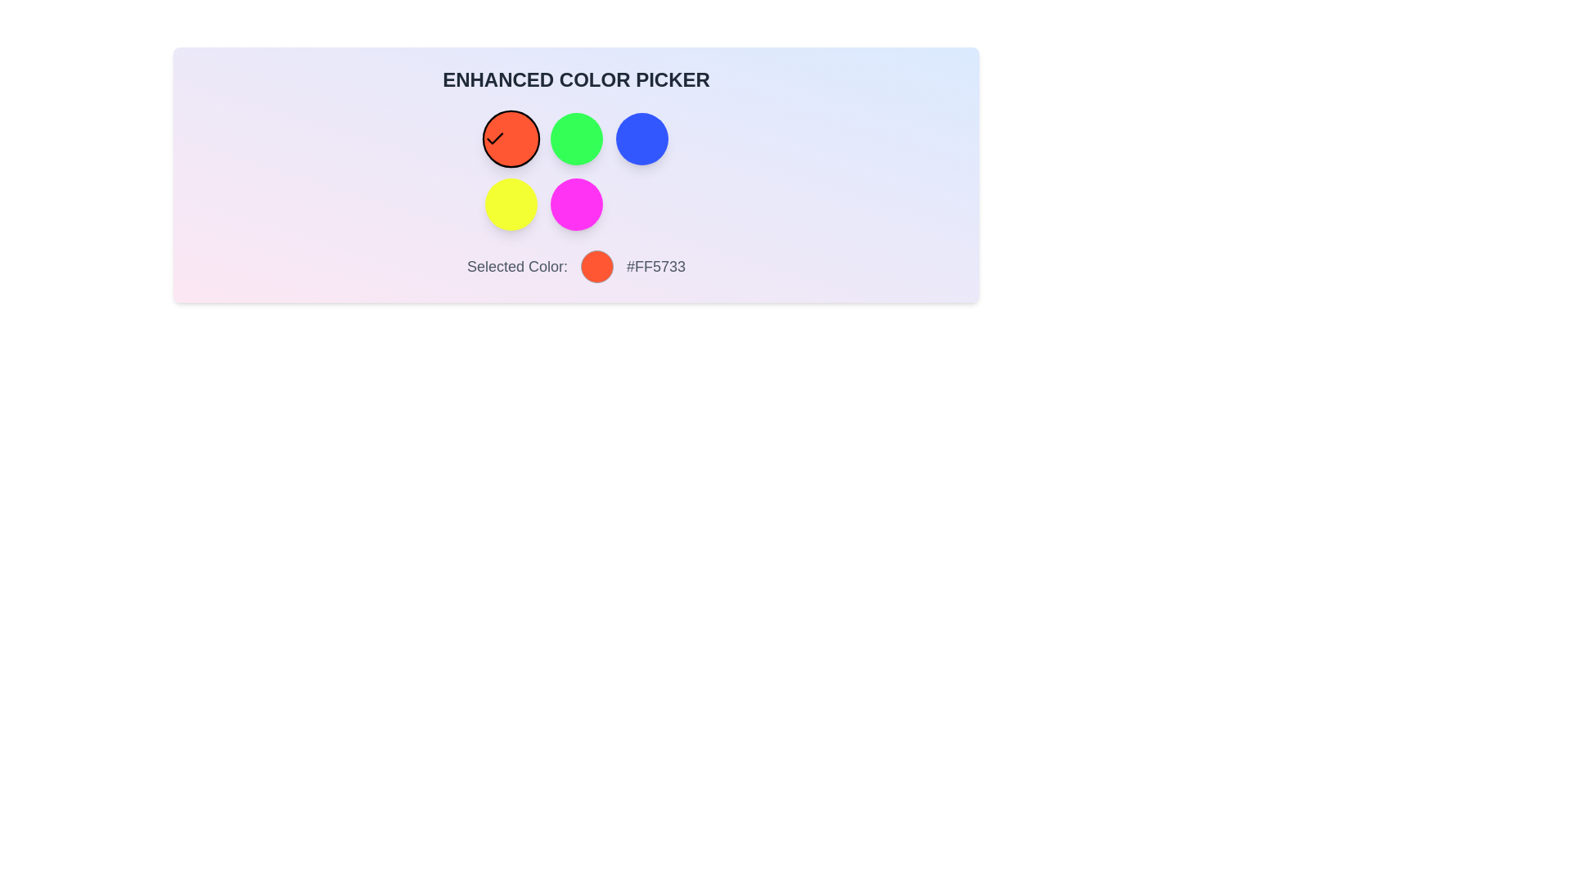  I want to click on the color selector button located in the bottom row, middle column of the grid layout, so click(576, 204).